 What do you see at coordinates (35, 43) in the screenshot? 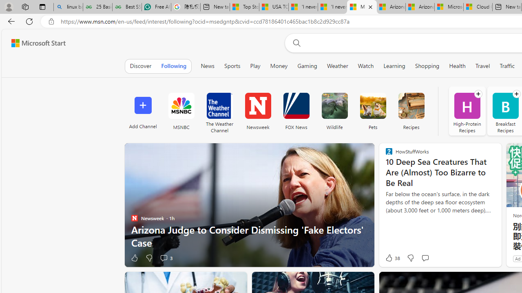
I see `'Skip to content'` at bounding box center [35, 43].